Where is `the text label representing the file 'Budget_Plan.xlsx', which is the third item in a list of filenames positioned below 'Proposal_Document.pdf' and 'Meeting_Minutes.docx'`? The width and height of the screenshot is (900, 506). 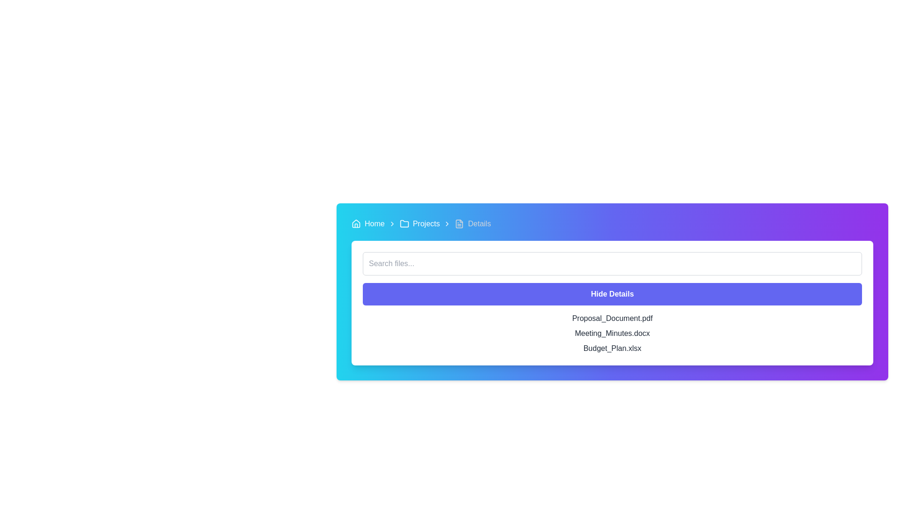 the text label representing the file 'Budget_Plan.xlsx', which is the third item in a list of filenames positioned below 'Proposal_Document.pdf' and 'Meeting_Minutes.docx' is located at coordinates (612, 349).